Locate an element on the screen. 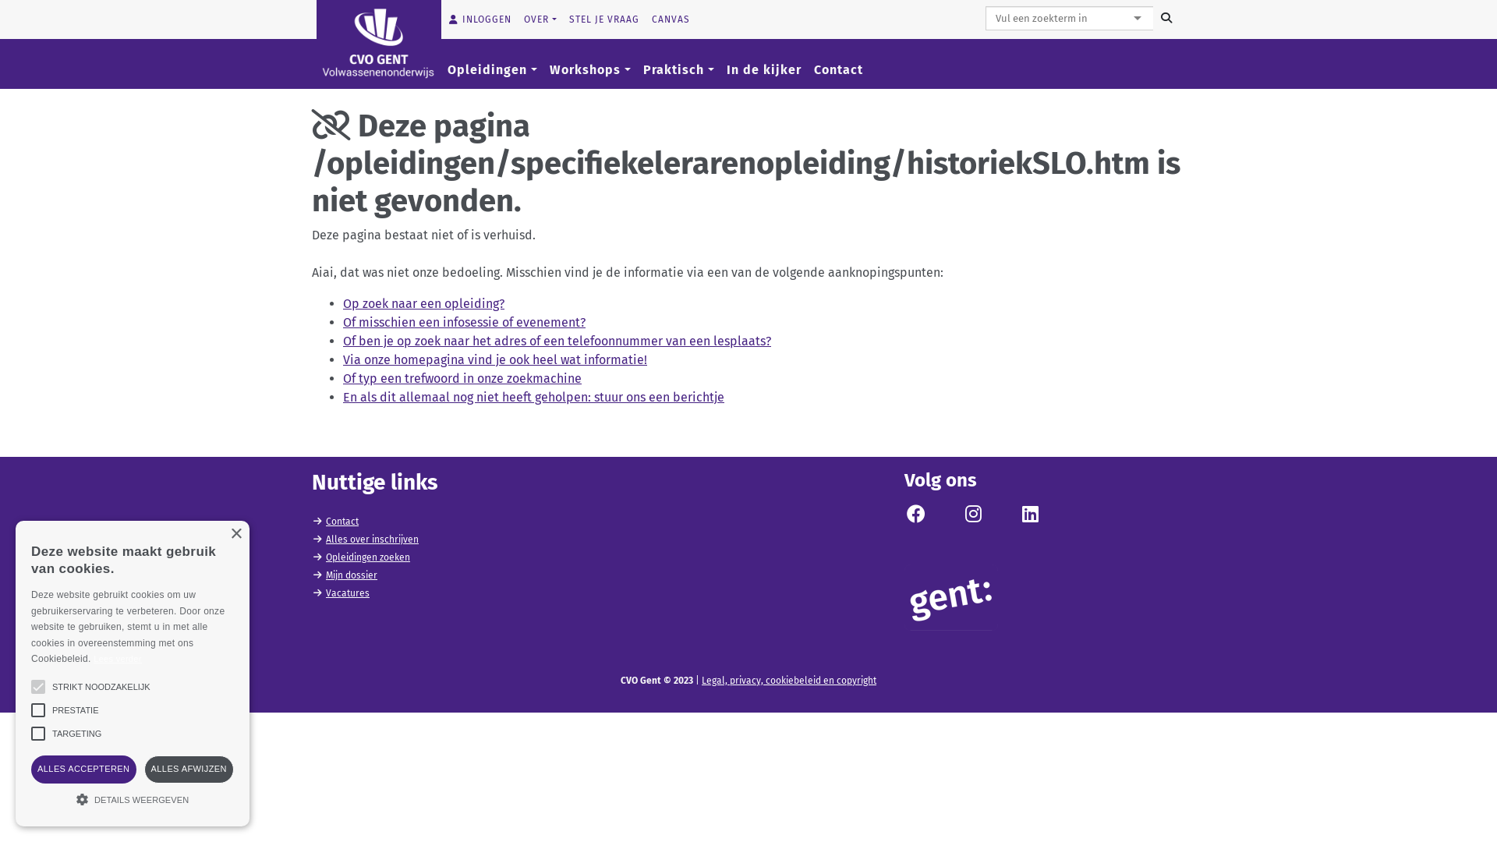 The height and width of the screenshot is (842, 1497). 'CVO Gent op facebook' is located at coordinates (904, 517).